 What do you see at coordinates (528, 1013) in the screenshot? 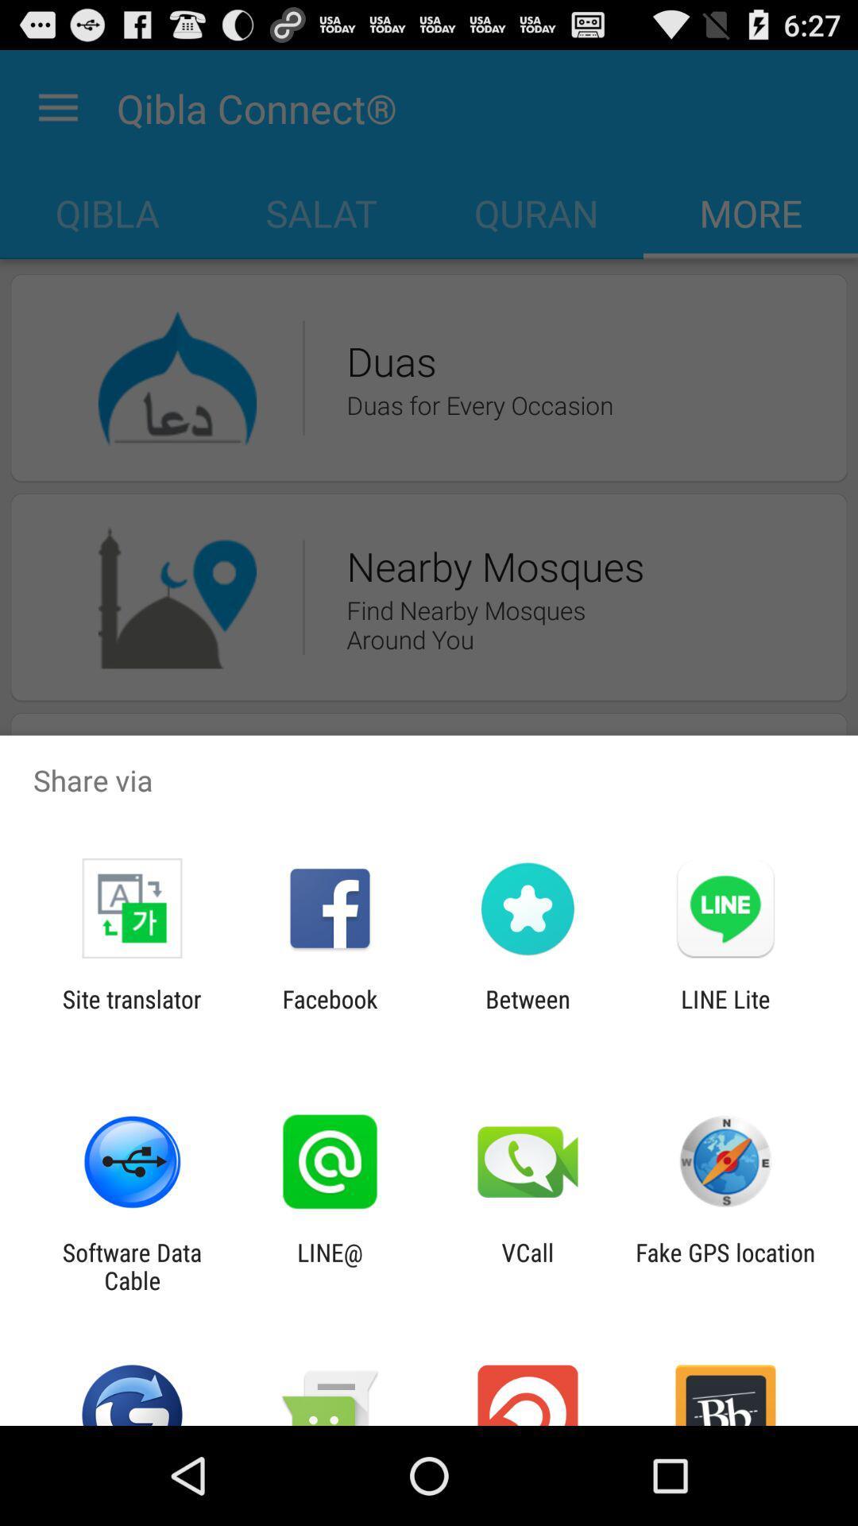
I see `the icon to the right of the facebook icon` at bounding box center [528, 1013].